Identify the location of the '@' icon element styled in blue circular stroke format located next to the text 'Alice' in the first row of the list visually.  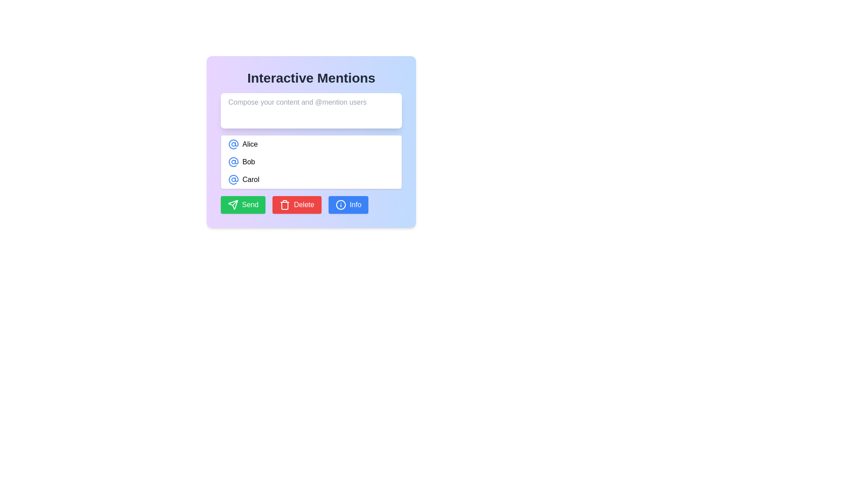
(233, 144).